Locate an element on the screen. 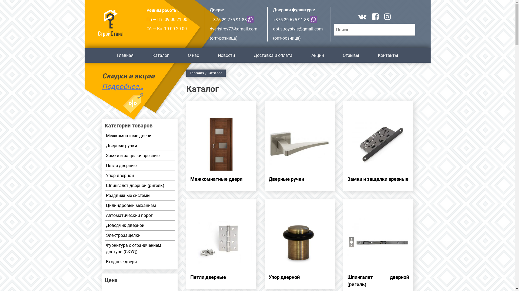 This screenshot has width=519, height=291. 'Facebook' is located at coordinates (375, 17).